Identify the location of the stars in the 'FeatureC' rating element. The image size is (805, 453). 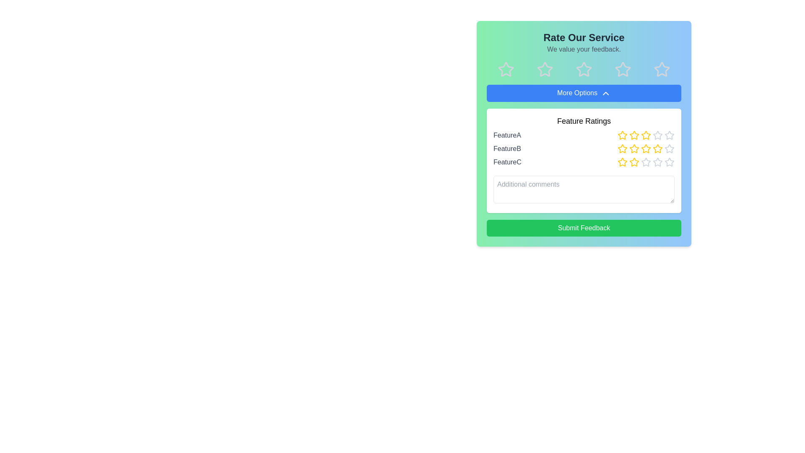
(583, 161).